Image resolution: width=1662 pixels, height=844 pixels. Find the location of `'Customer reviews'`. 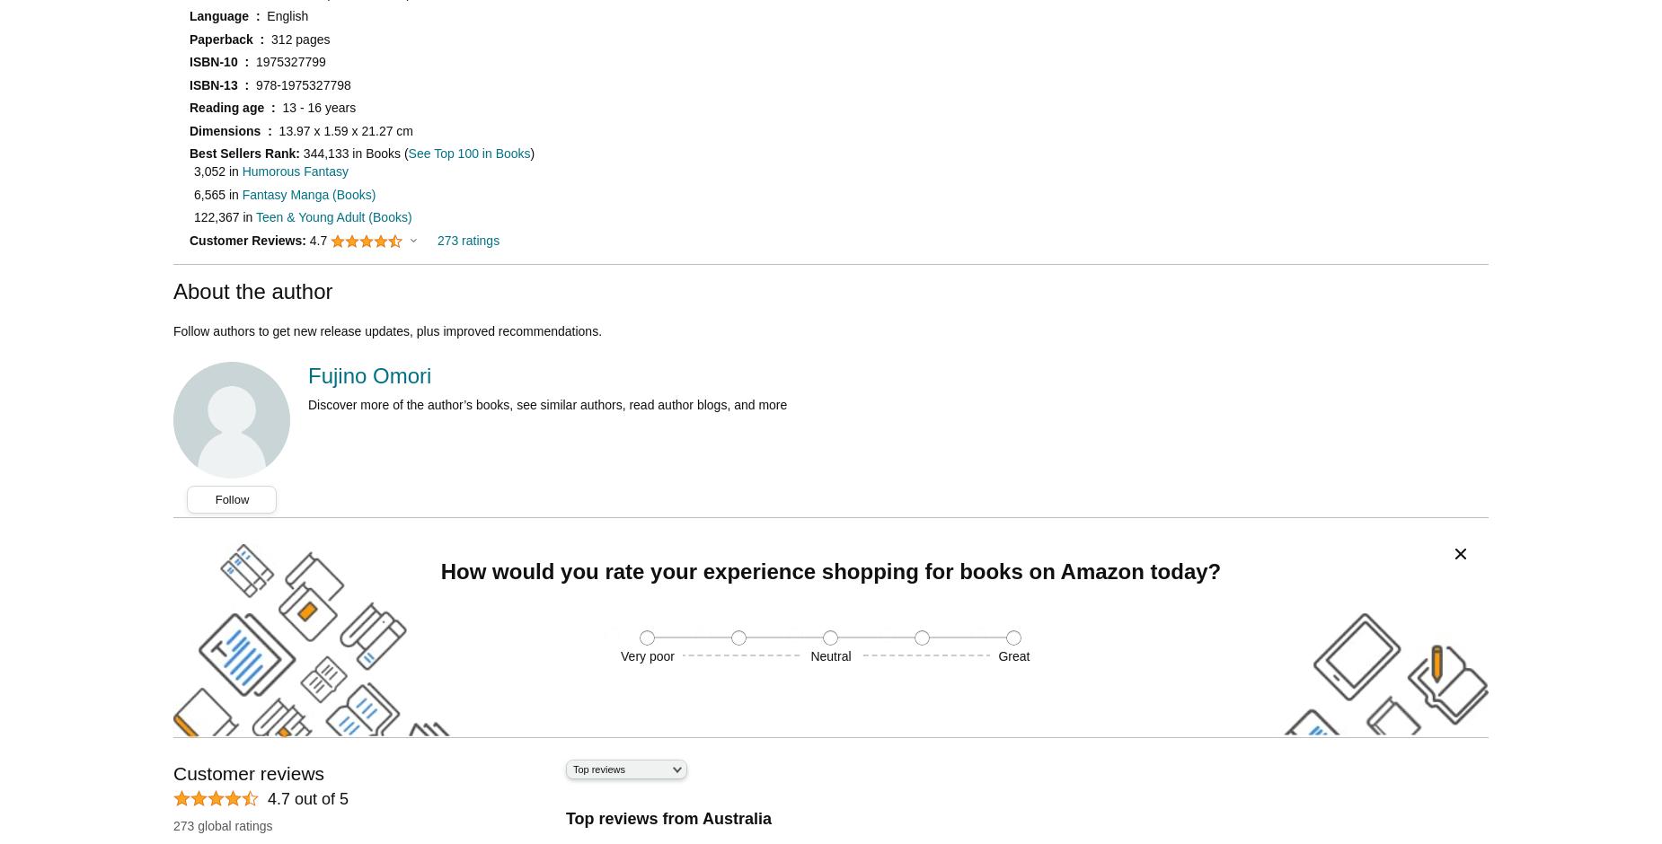

'Customer reviews' is located at coordinates (247, 771).